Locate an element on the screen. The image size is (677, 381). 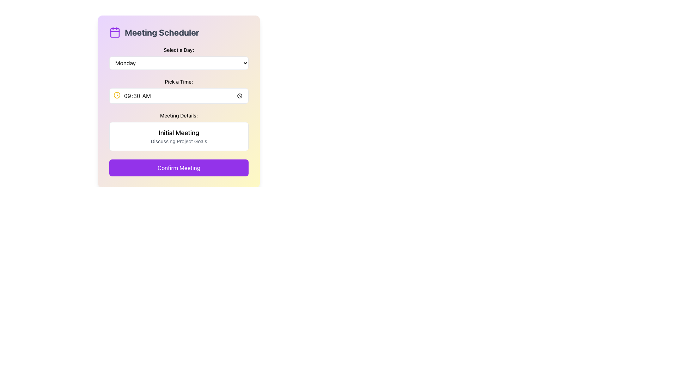
a day from the expanded options list in the dropdown menu labeled 'Select a Day:' positioned above the 'Pick a Time' section in the 'Meeting Scheduler' interface is located at coordinates (179, 58).